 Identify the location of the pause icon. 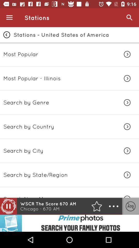
(8, 206).